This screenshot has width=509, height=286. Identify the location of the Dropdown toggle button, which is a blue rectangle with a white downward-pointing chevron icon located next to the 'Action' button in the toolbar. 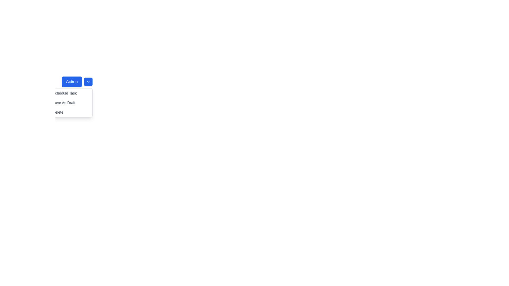
(88, 82).